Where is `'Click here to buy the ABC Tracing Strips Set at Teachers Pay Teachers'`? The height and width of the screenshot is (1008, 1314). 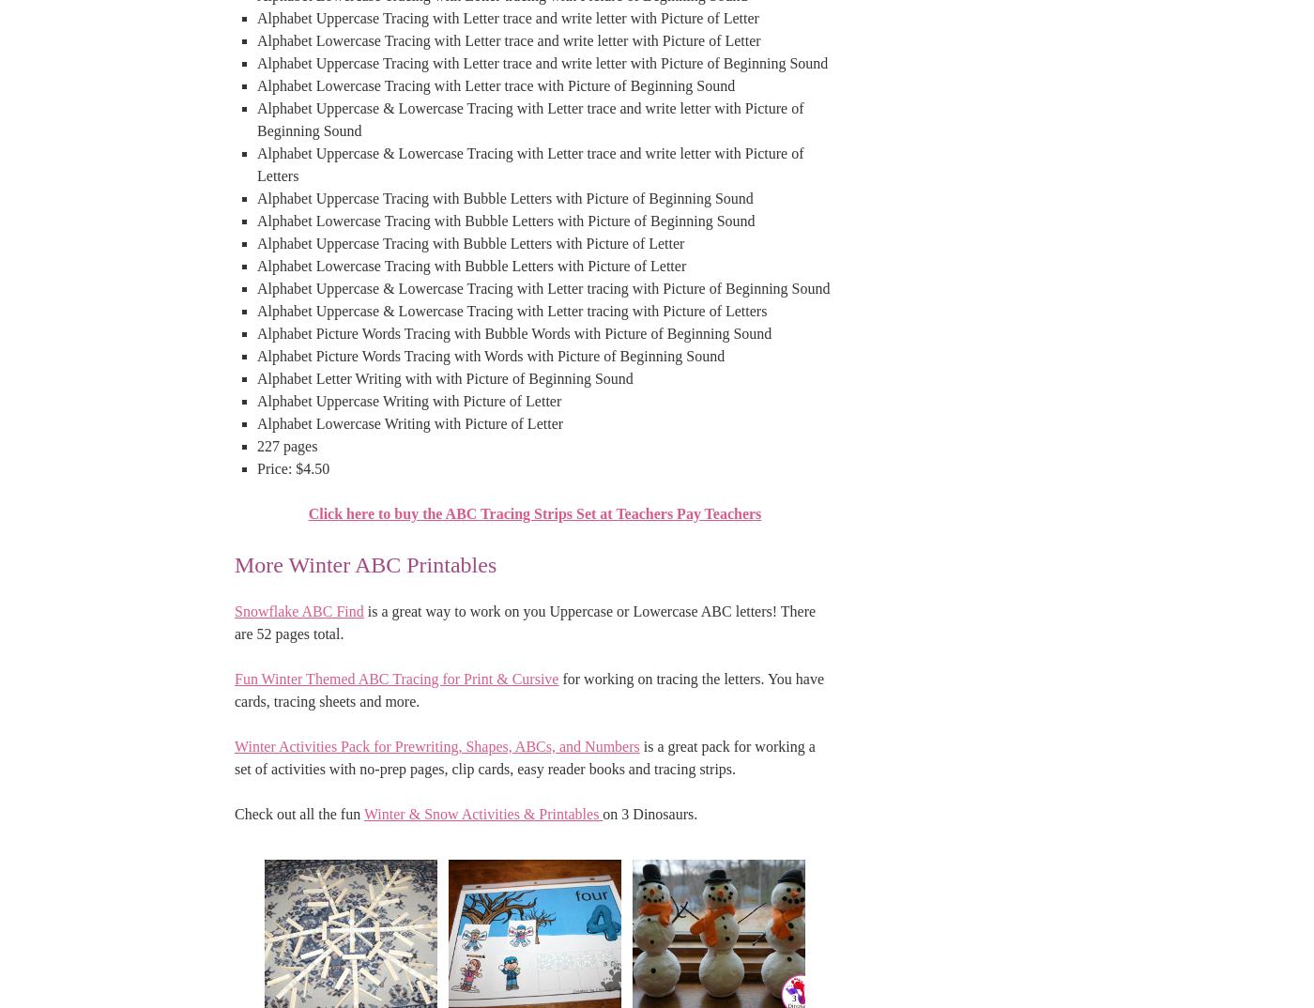 'Click here to buy the ABC Tracing Strips Set at Teachers Pay Teachers' is located at coordinates (534, 512).